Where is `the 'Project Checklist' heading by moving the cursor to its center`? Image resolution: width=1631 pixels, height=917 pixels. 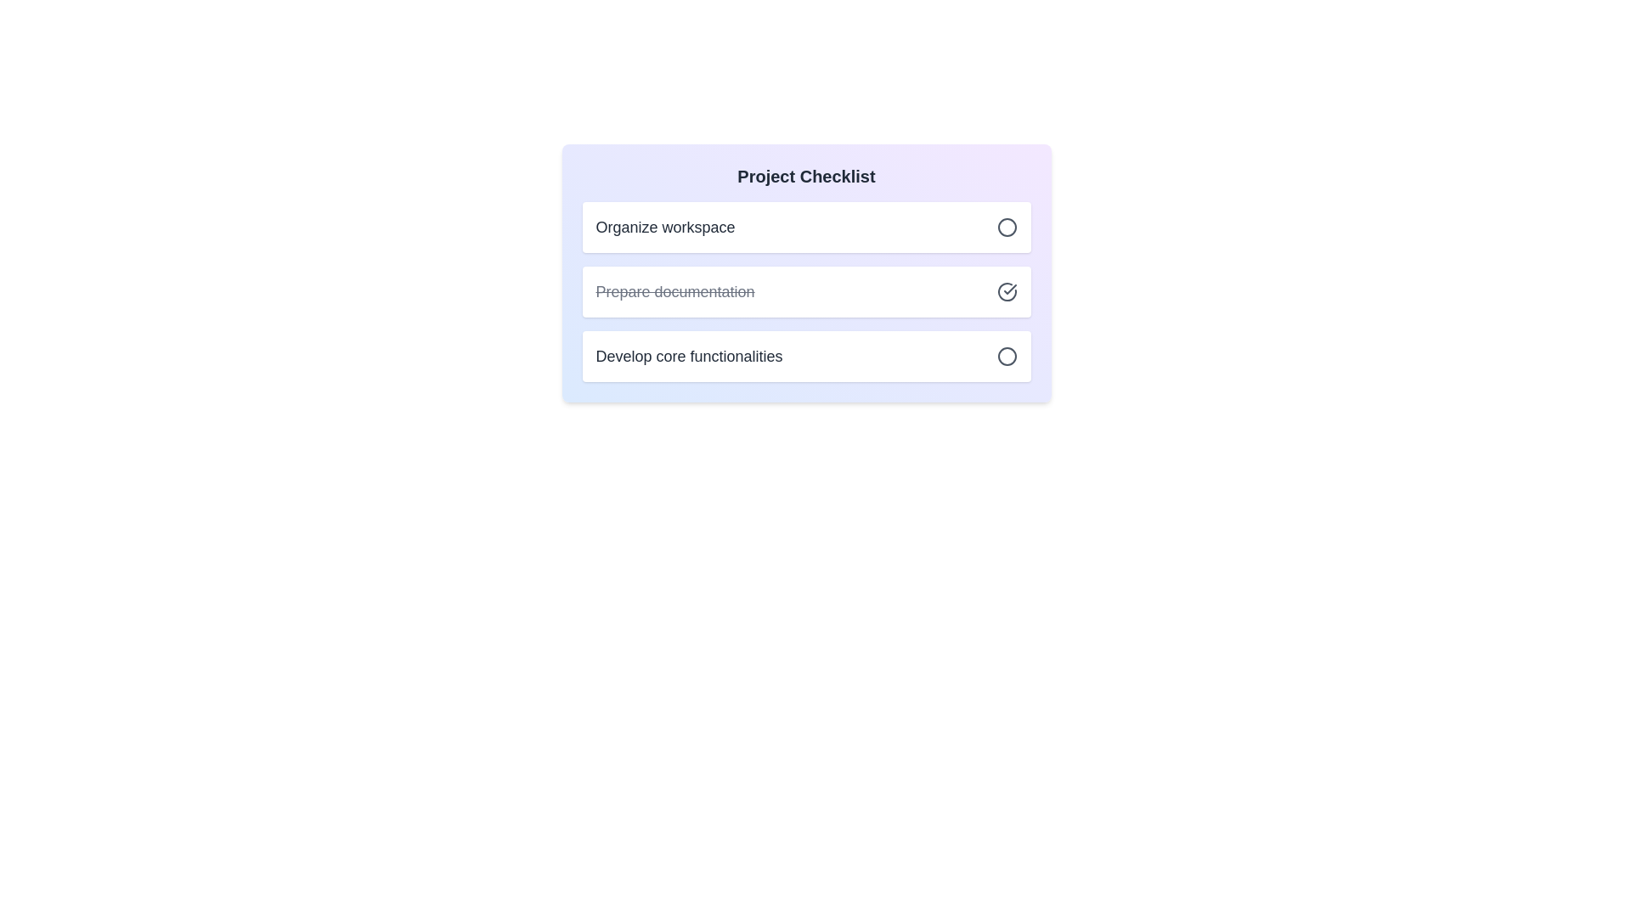 the 'Project Checklist' heading by moving the cursor to its center is located at coordinates (805, 177).